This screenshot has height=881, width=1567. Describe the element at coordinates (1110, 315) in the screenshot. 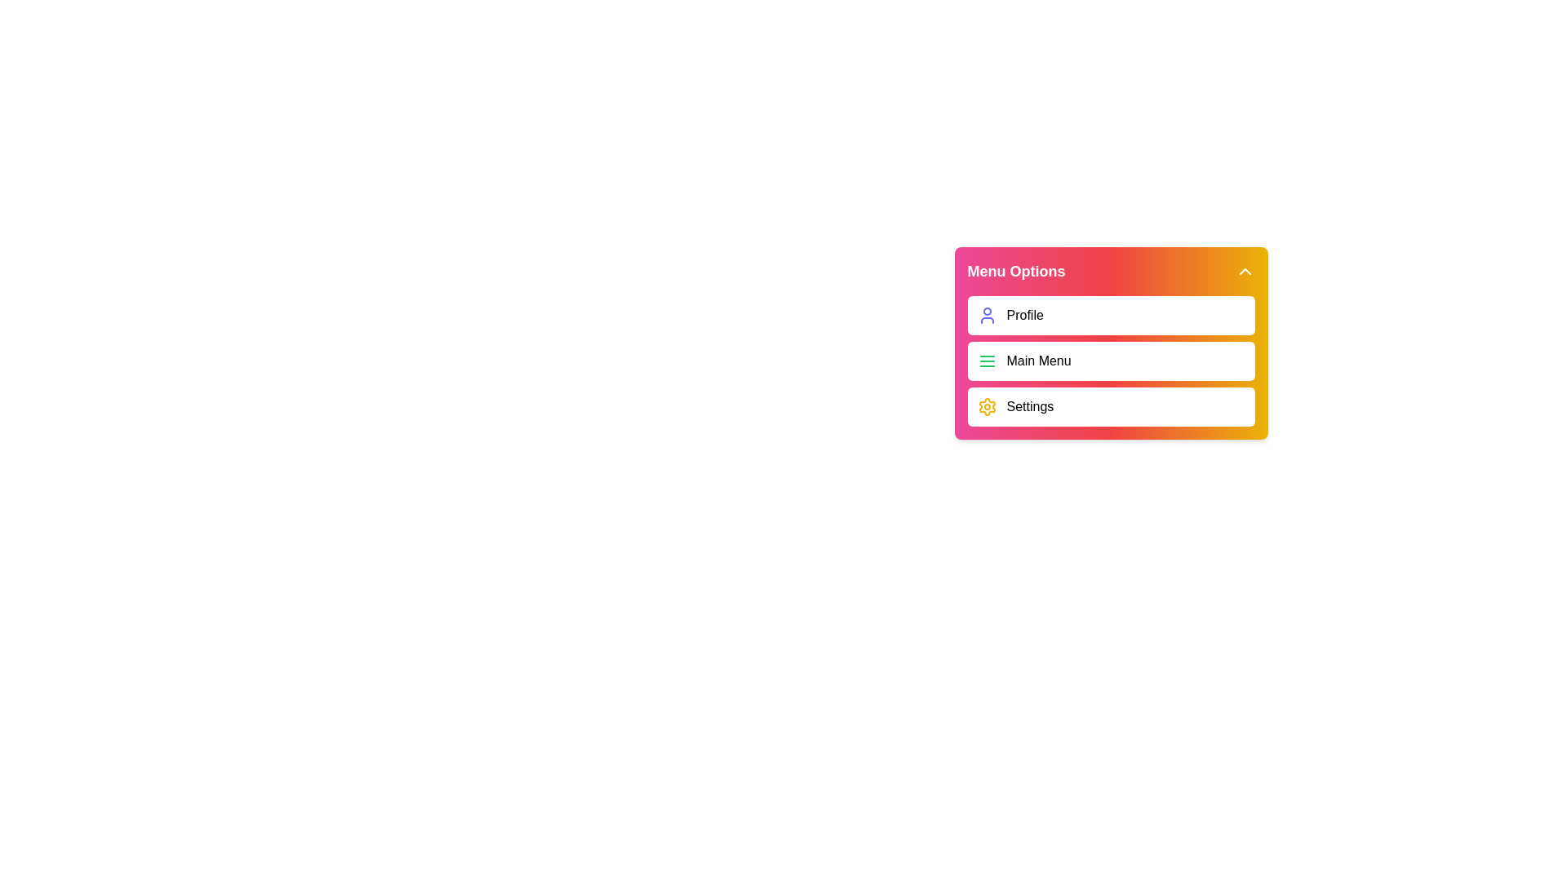

I see `the 'Profile' menu item` at that location.